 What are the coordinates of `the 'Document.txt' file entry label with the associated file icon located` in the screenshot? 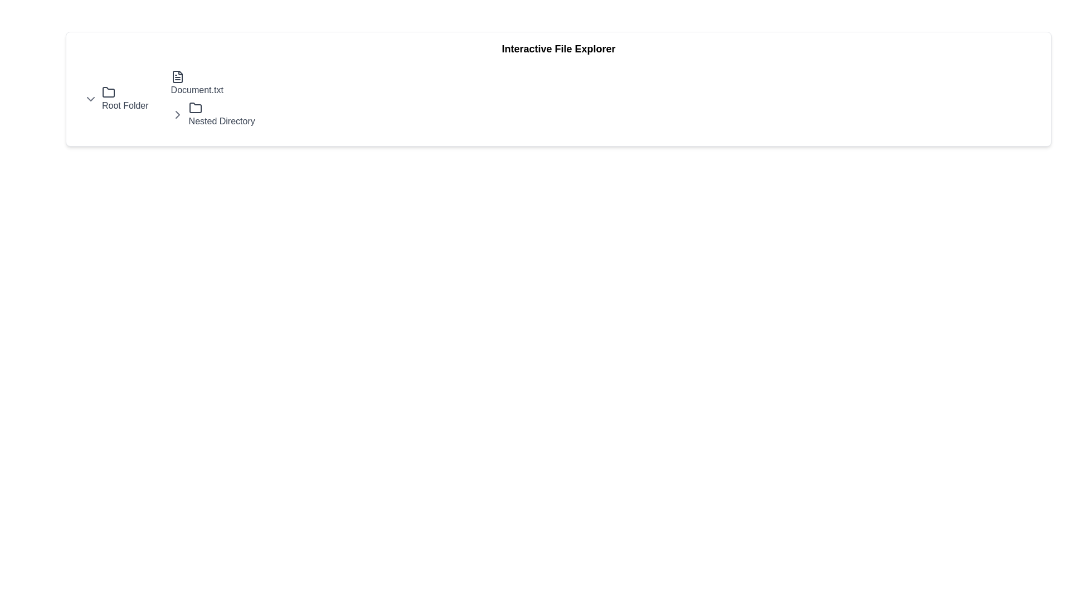 It's located at (213, 83).